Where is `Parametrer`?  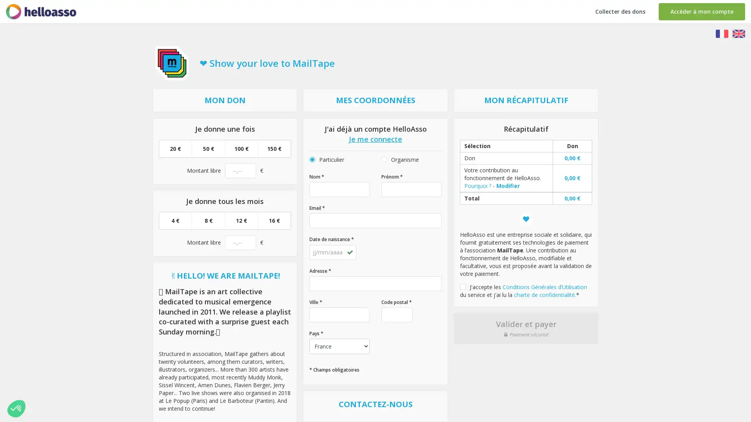 Parametrer is located at coordinates (90, 382).